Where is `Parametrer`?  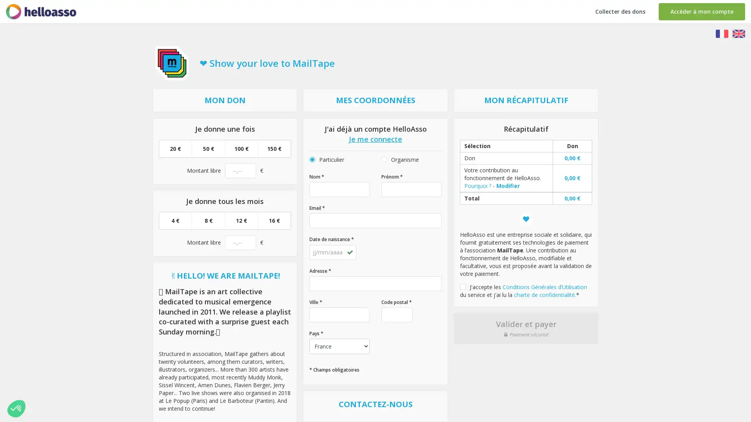 Parametrer is located at coordinates (90, 382).